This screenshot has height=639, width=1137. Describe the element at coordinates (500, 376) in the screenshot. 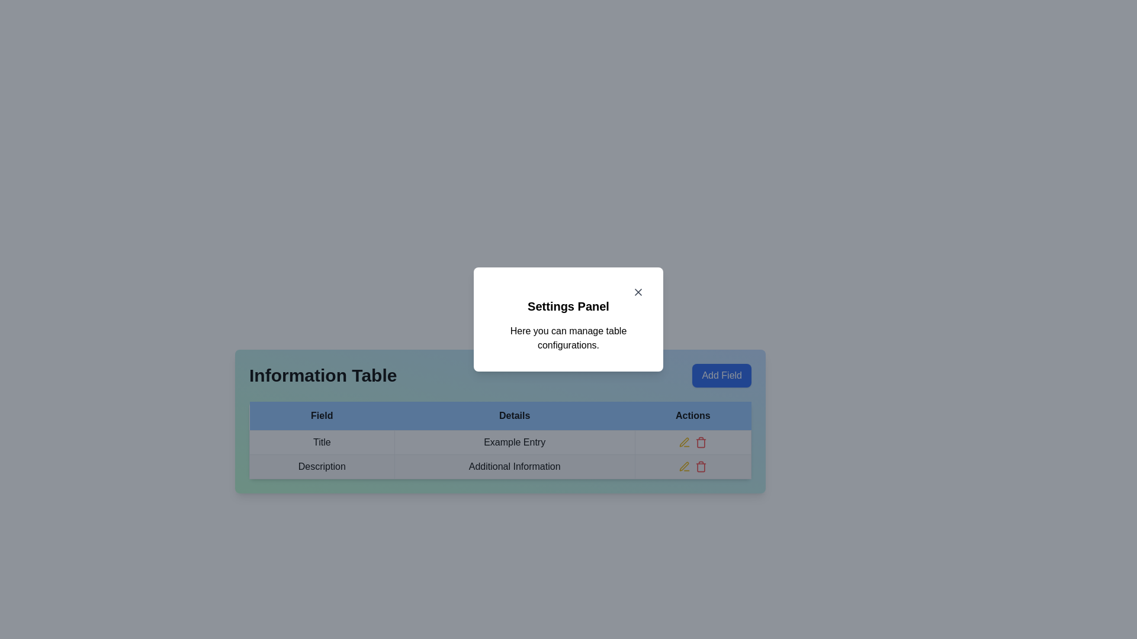

I see `title text 'Information Table' for context by focusing on the title bar element that includes the 'Add Field' button` at that location.